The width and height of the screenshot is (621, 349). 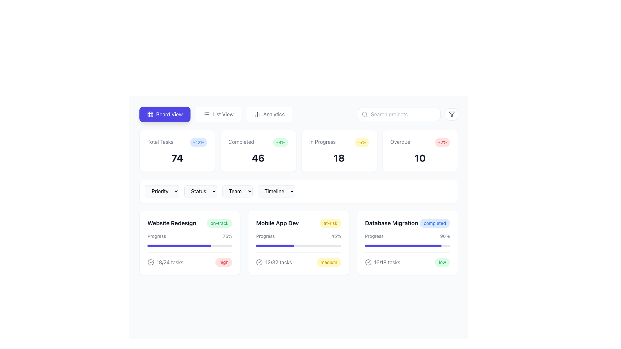 I want to click on the Progress Tracker Widget labeled 'Mobile App Dev', so click(x=298, y=249).